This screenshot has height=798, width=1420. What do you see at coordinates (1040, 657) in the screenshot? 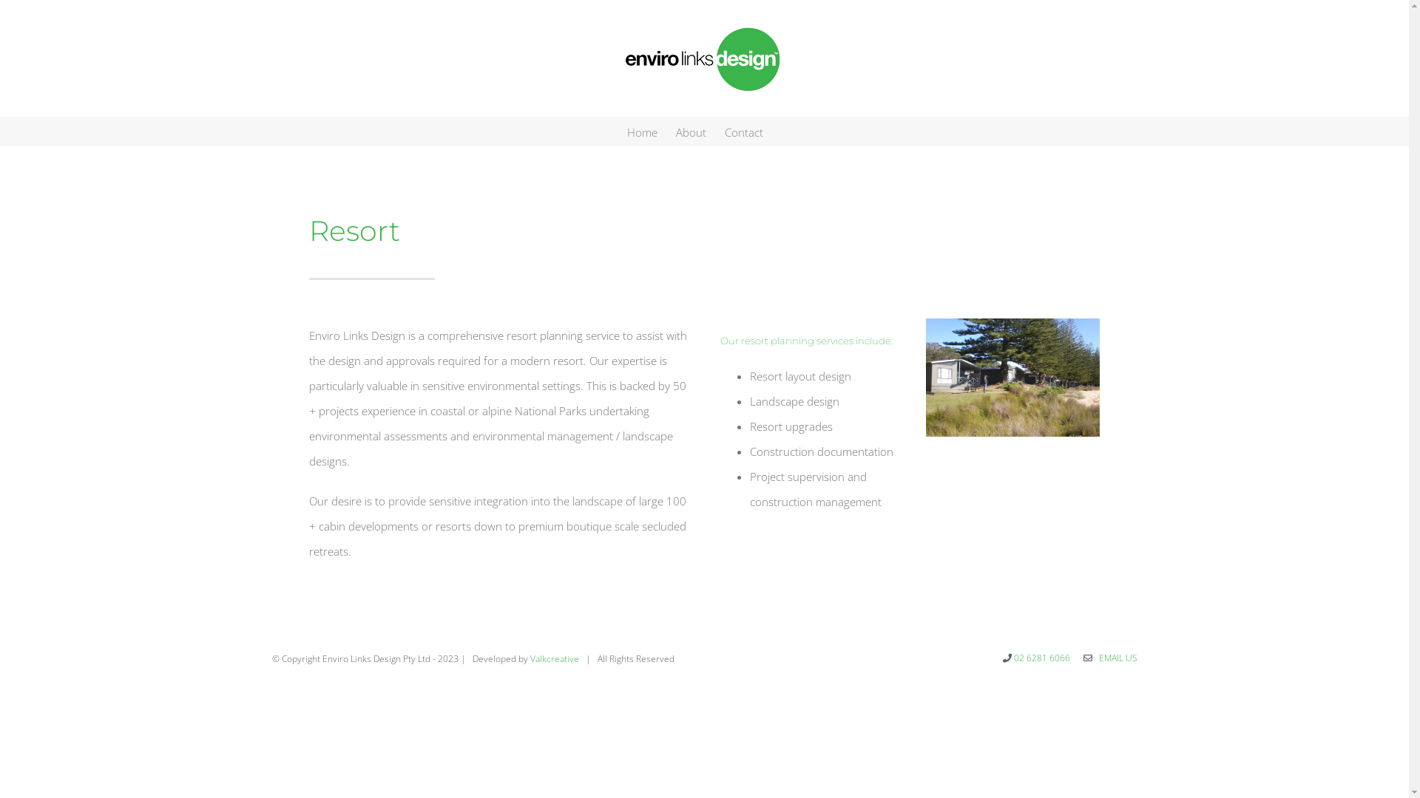
I see `'02 6281 6066'` at bounding box center [1040, 657].